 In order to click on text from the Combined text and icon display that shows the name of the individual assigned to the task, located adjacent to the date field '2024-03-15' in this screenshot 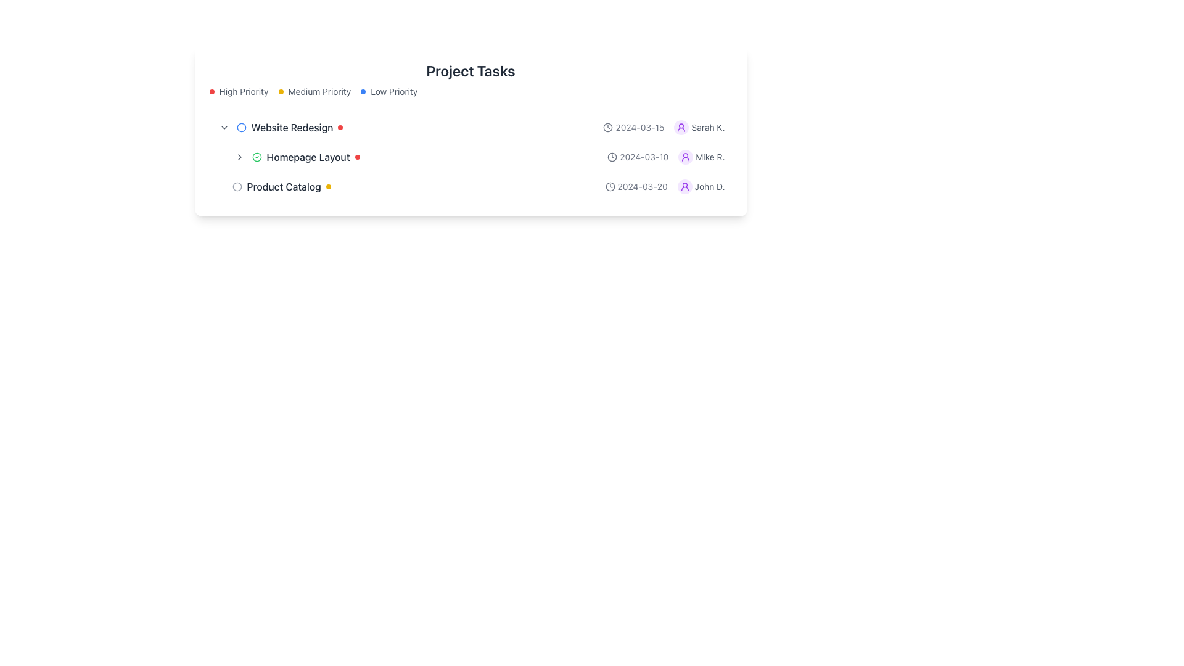, I will do `click(699, 128)`.